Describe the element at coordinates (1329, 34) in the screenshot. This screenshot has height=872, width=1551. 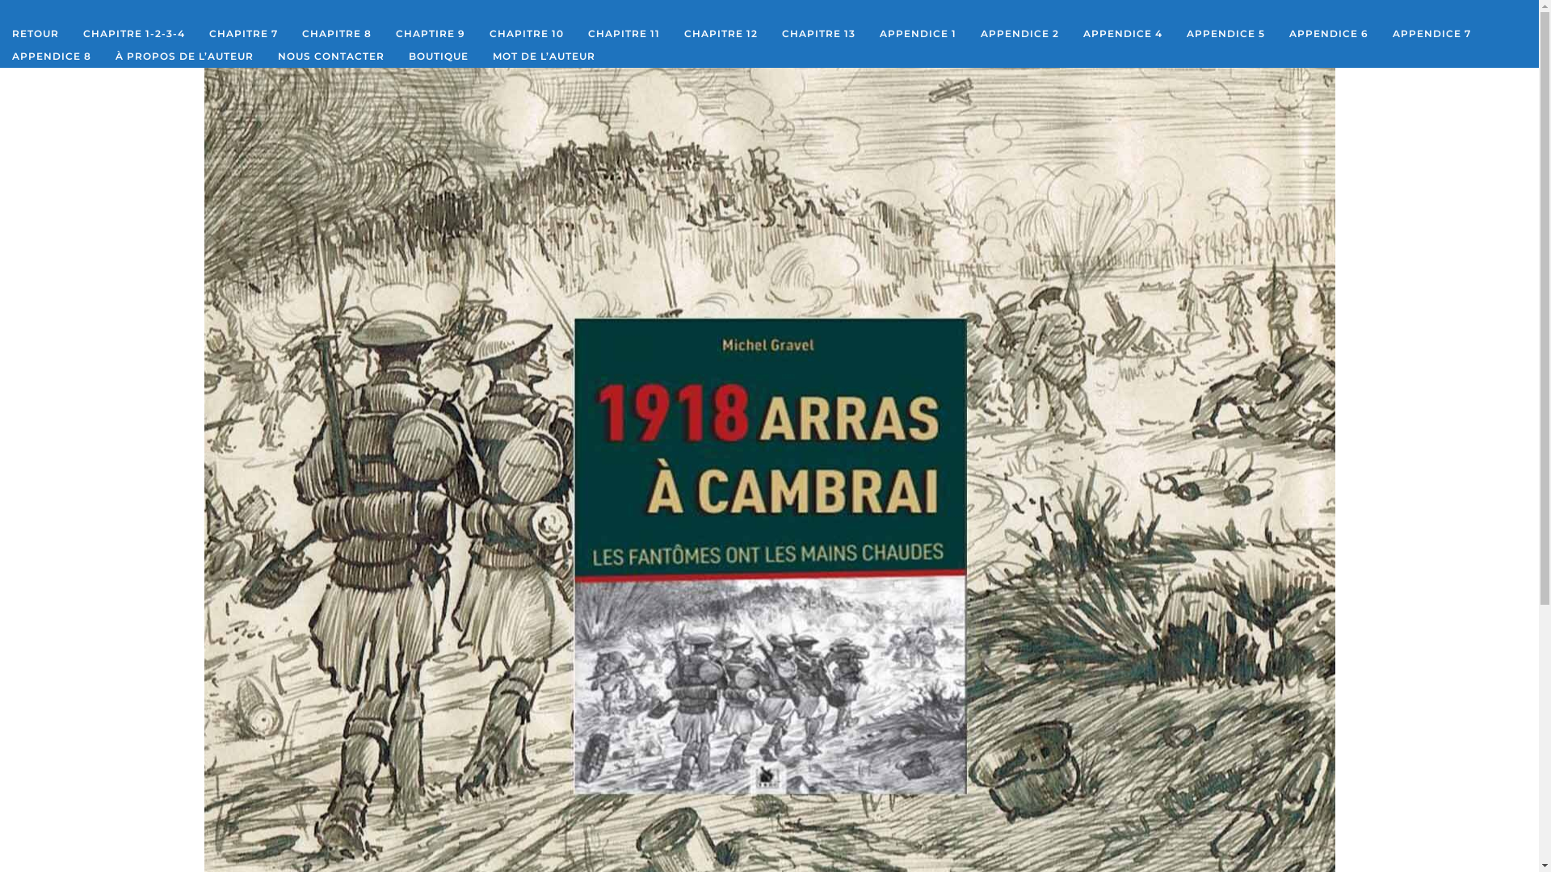
I see `'APPENDICE 6'` at that location.